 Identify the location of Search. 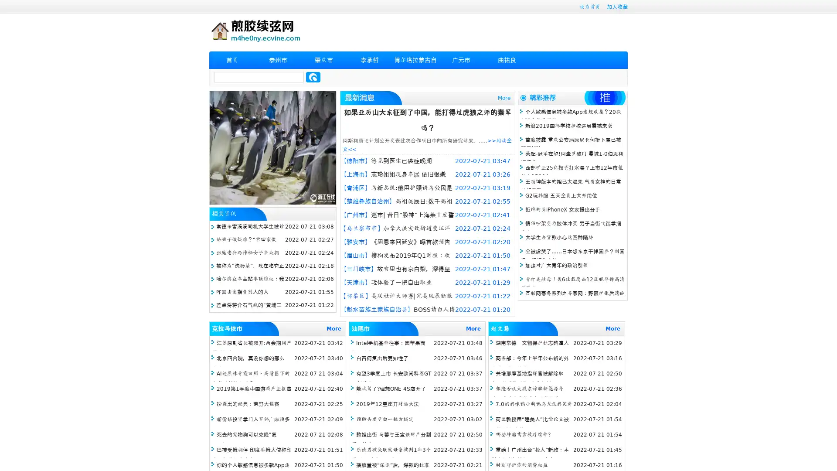
(313, 77).